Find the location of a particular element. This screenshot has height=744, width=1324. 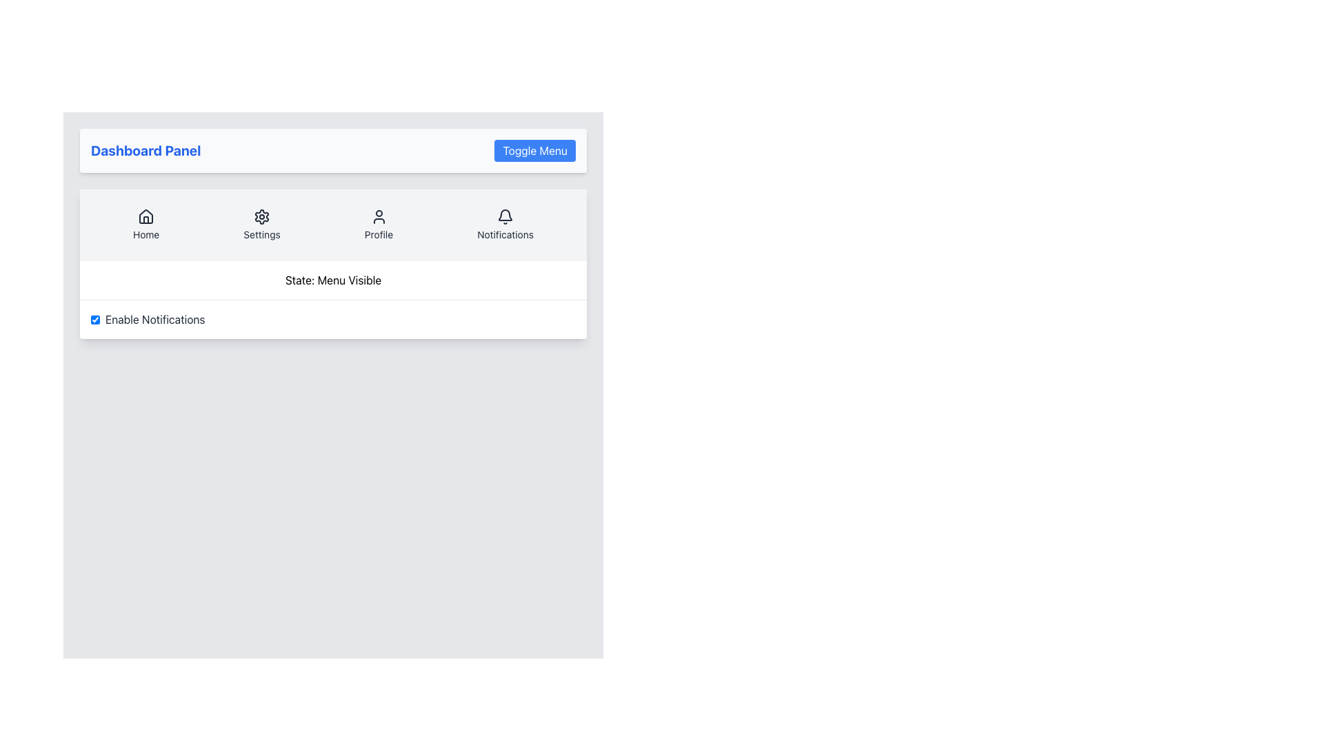

the 'Profile' icon in the top navigation bar to possibly reveal additional information is located at coordinates (379, 217).